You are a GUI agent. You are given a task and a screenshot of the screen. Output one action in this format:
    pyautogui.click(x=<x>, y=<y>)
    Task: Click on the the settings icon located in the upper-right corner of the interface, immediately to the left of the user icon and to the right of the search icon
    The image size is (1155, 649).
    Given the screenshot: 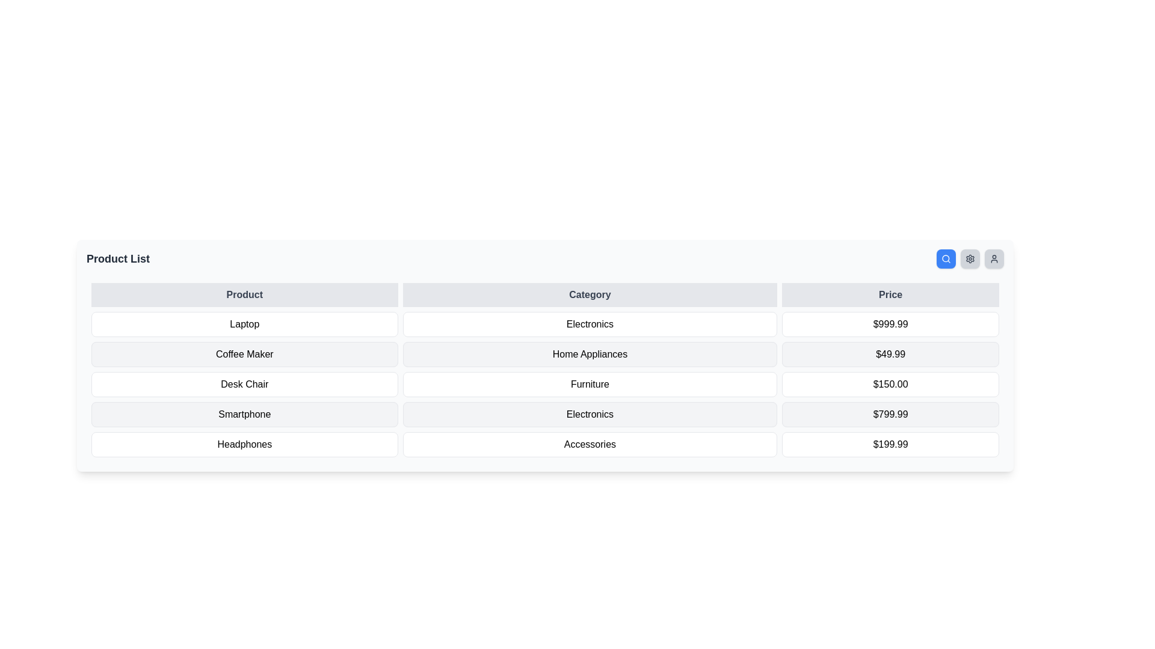 What is the action you would take?
    pyautogui.click(x=970, y=258)
    